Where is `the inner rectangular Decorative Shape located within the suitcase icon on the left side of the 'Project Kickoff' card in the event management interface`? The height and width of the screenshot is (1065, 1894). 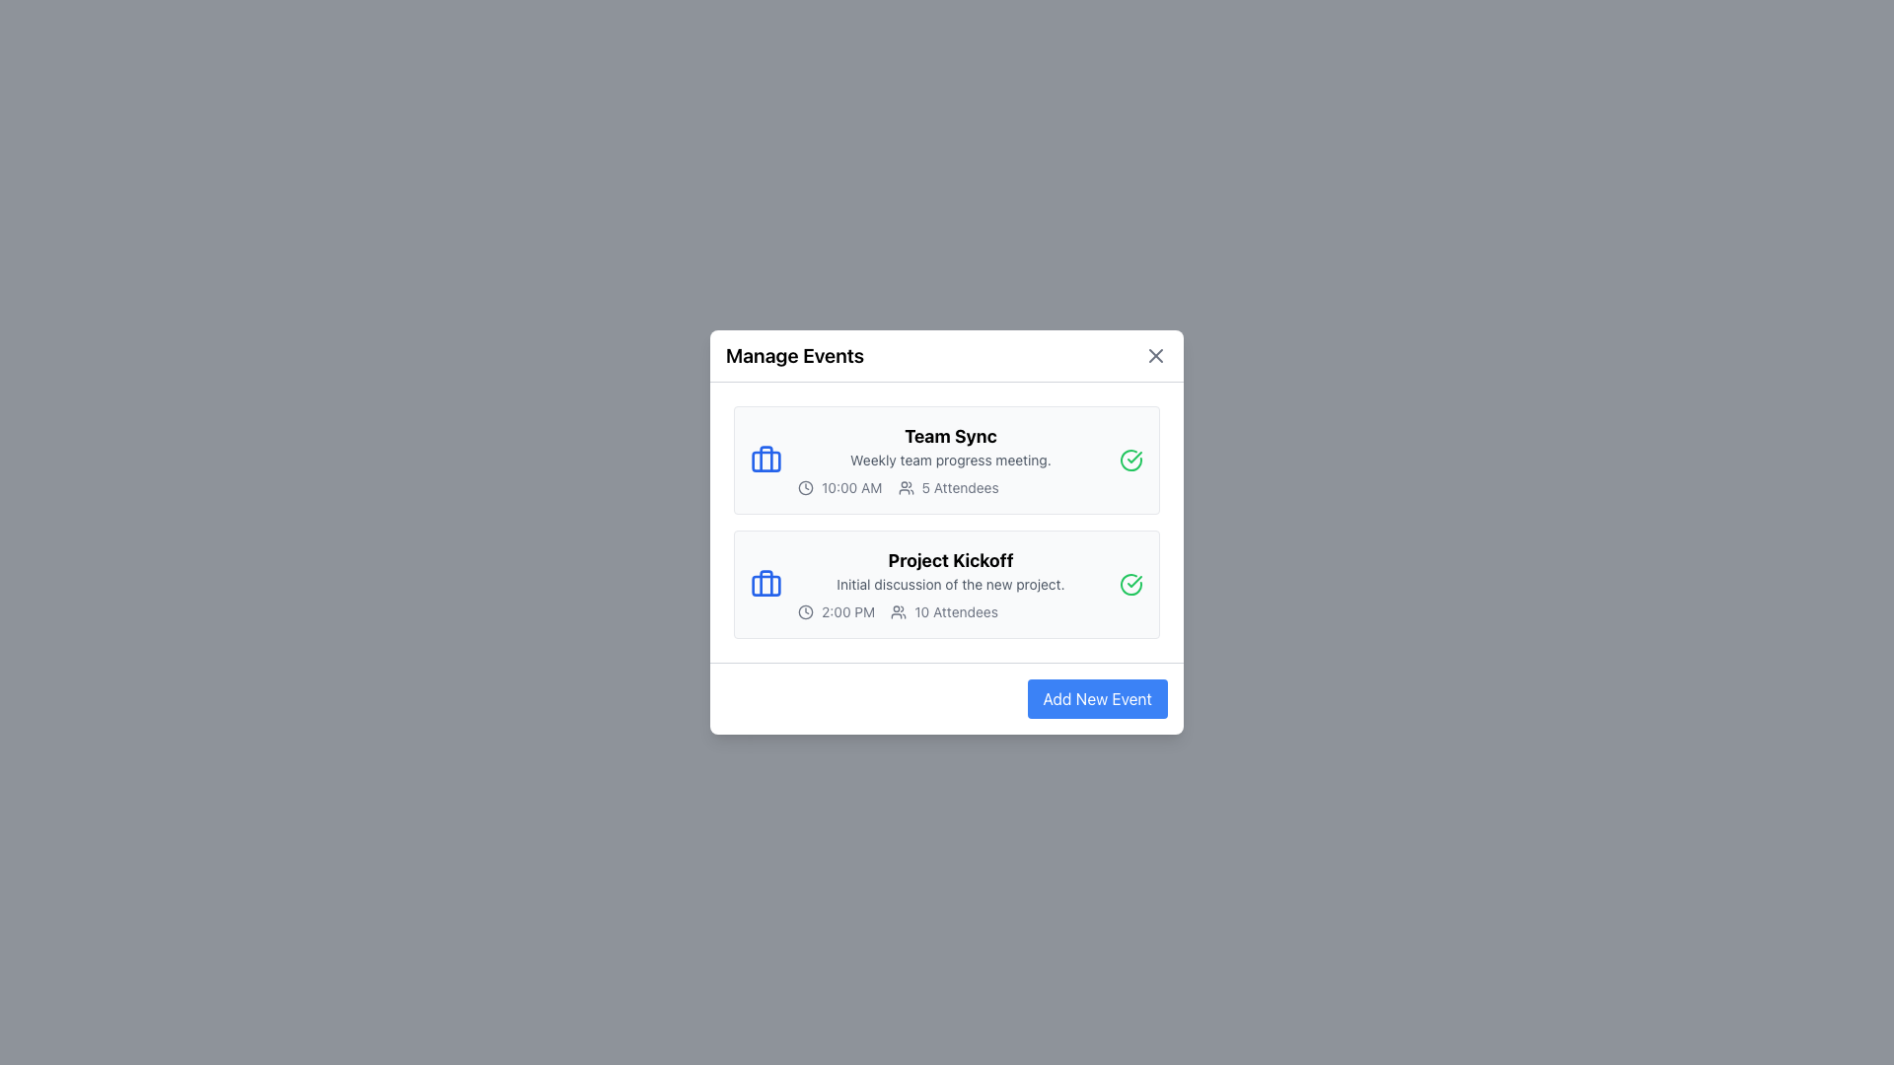 the inner rectangular Decorative Shape located within the suitcase icon on the left side of the 'Project Kickoff' card in the event management interface is located at coordinates (765, 585).